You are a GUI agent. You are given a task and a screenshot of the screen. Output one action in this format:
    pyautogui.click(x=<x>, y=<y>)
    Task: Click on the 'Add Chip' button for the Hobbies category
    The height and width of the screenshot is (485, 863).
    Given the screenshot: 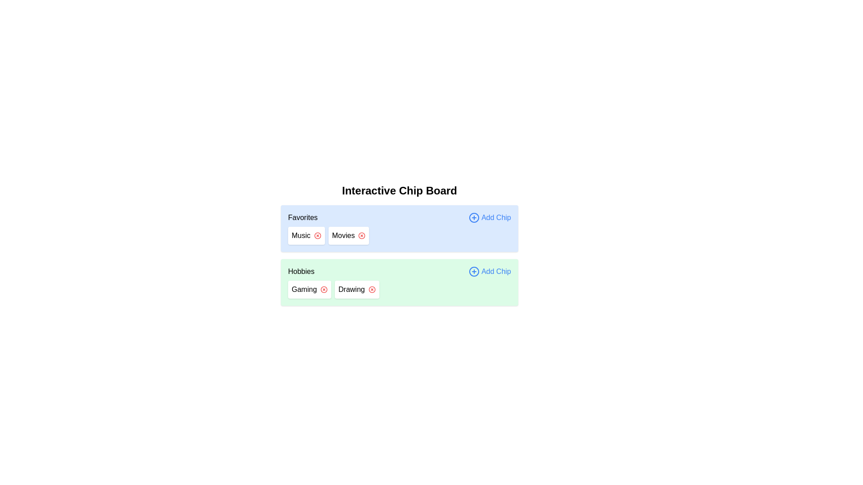 What is the action you would take?
    pyautogui.click(x=489, y=271)
    